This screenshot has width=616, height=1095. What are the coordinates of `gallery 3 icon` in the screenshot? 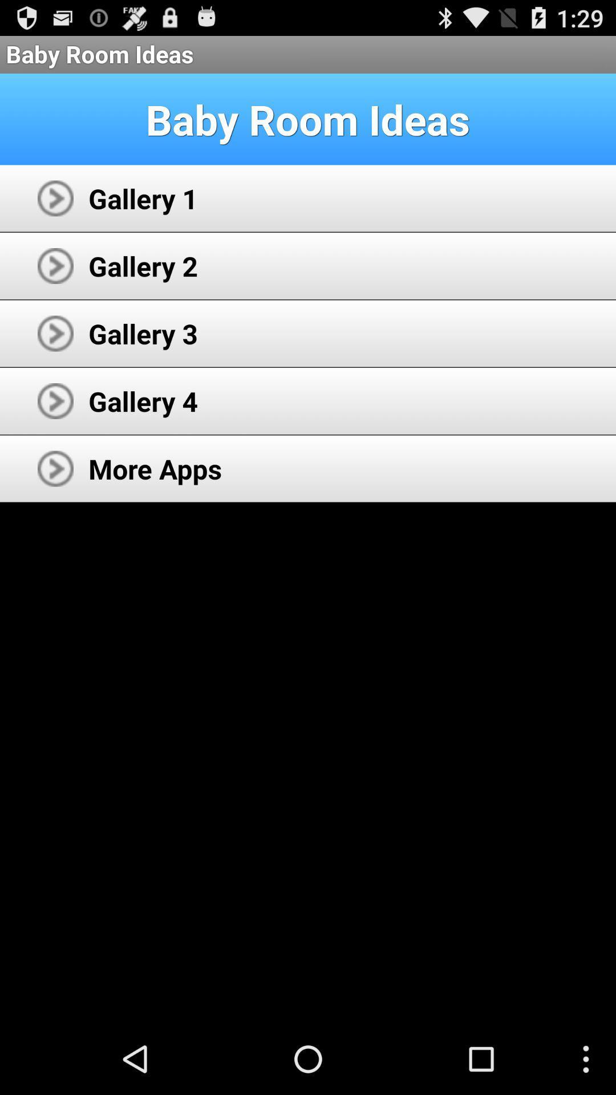 It's located at (143, 333).